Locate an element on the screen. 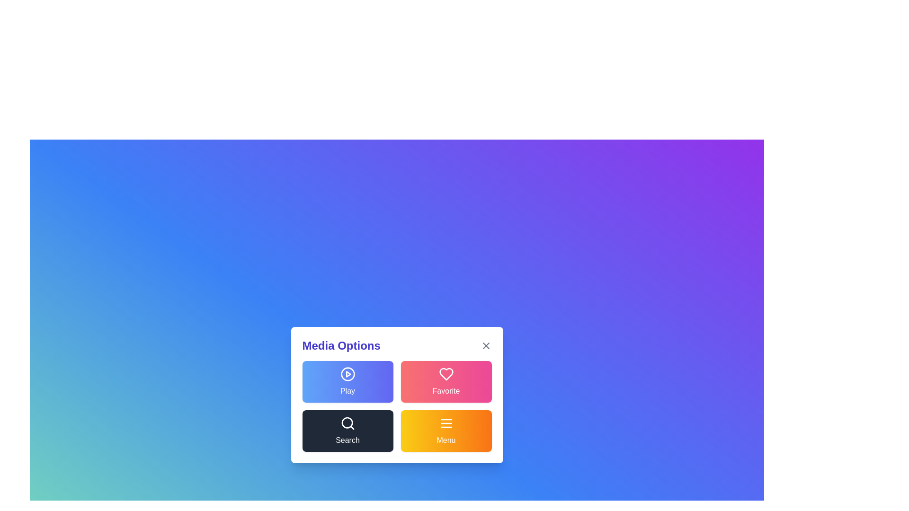  the 'Menu' button is located at coordinates (446, 431).